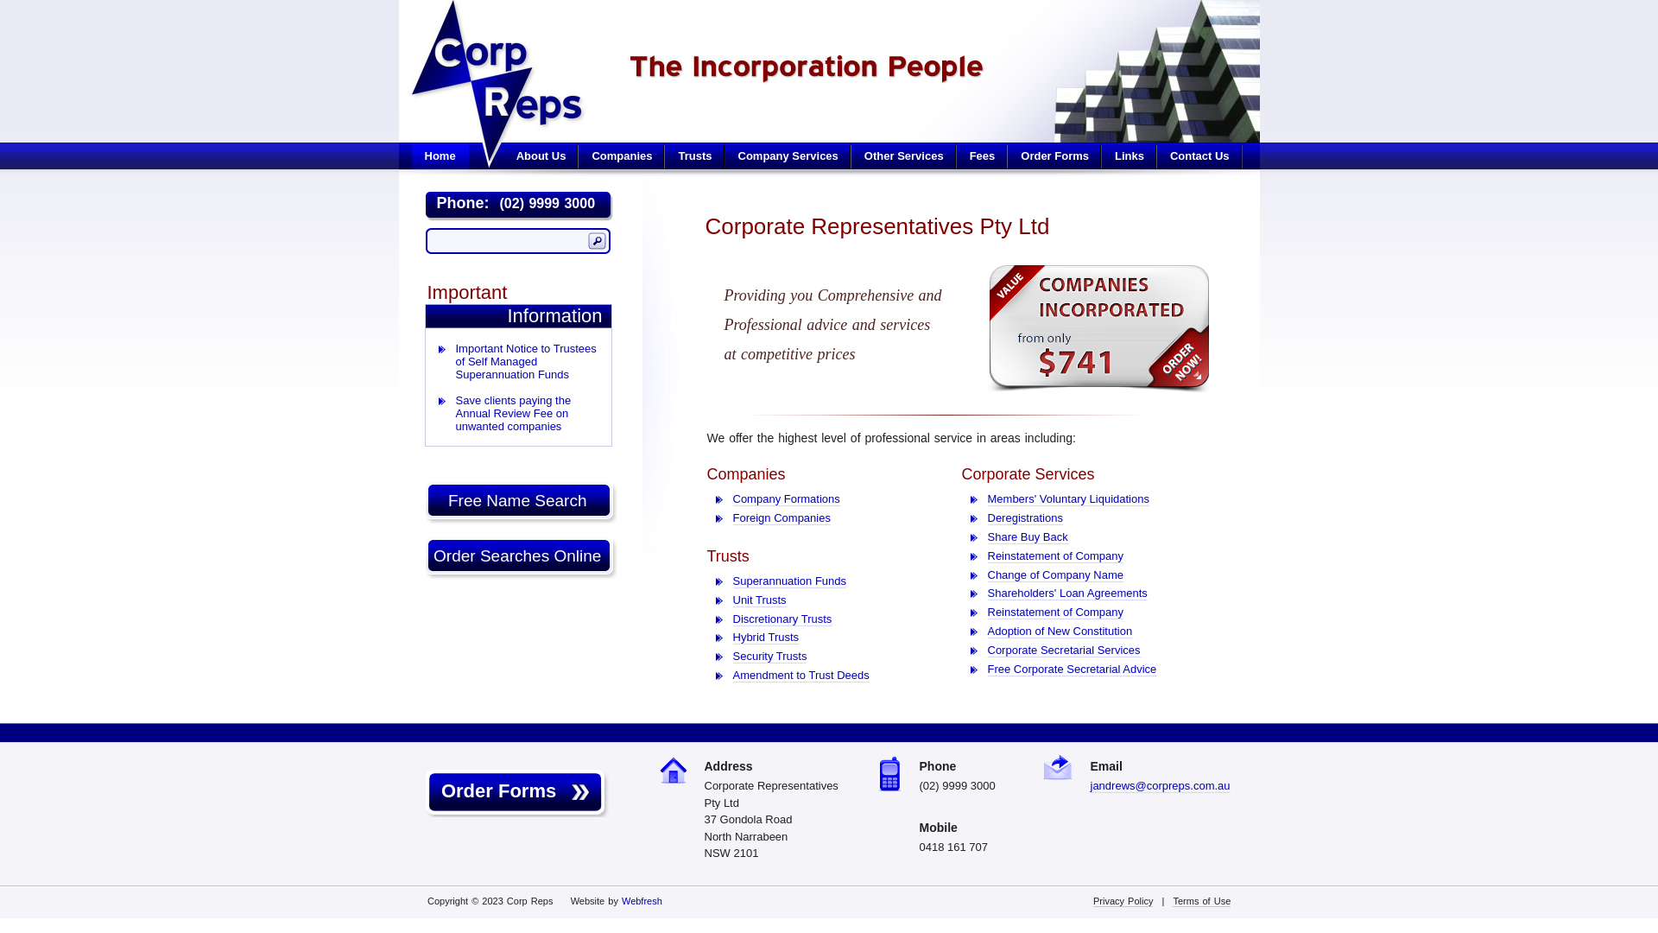 This screenshot has height=933, width=1658. Describe the element at coordinates (596, 241) in the screenshot. I see `'Search'` at that location.